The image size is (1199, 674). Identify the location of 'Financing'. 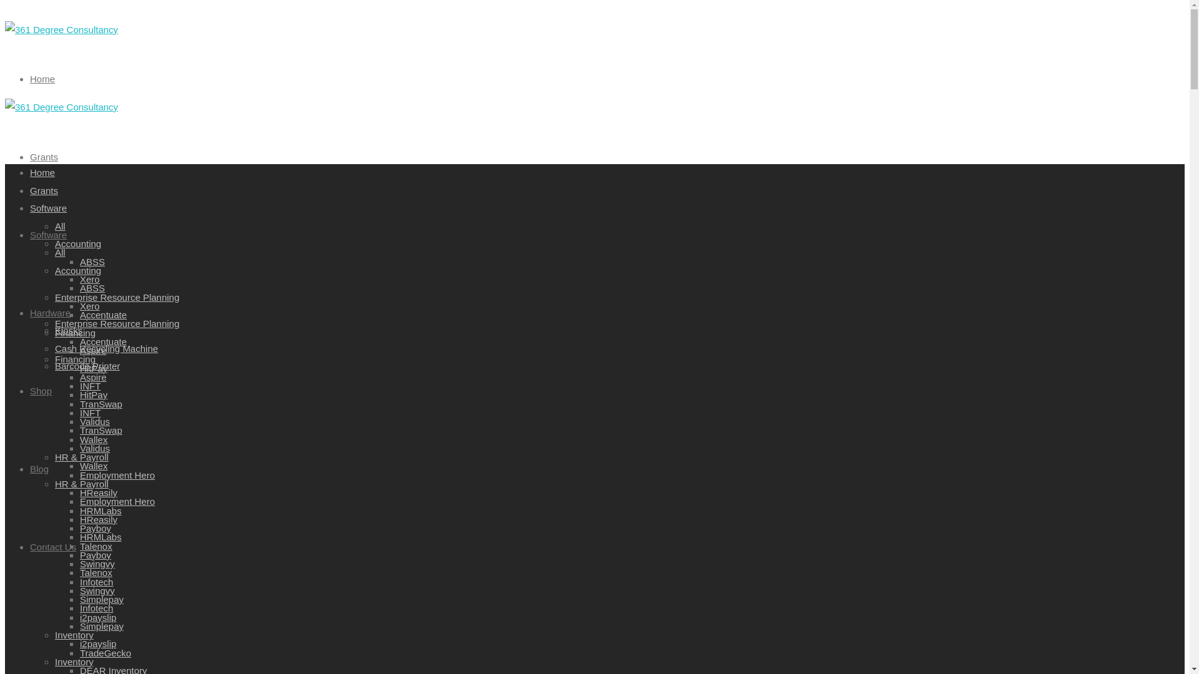
(74, 359).